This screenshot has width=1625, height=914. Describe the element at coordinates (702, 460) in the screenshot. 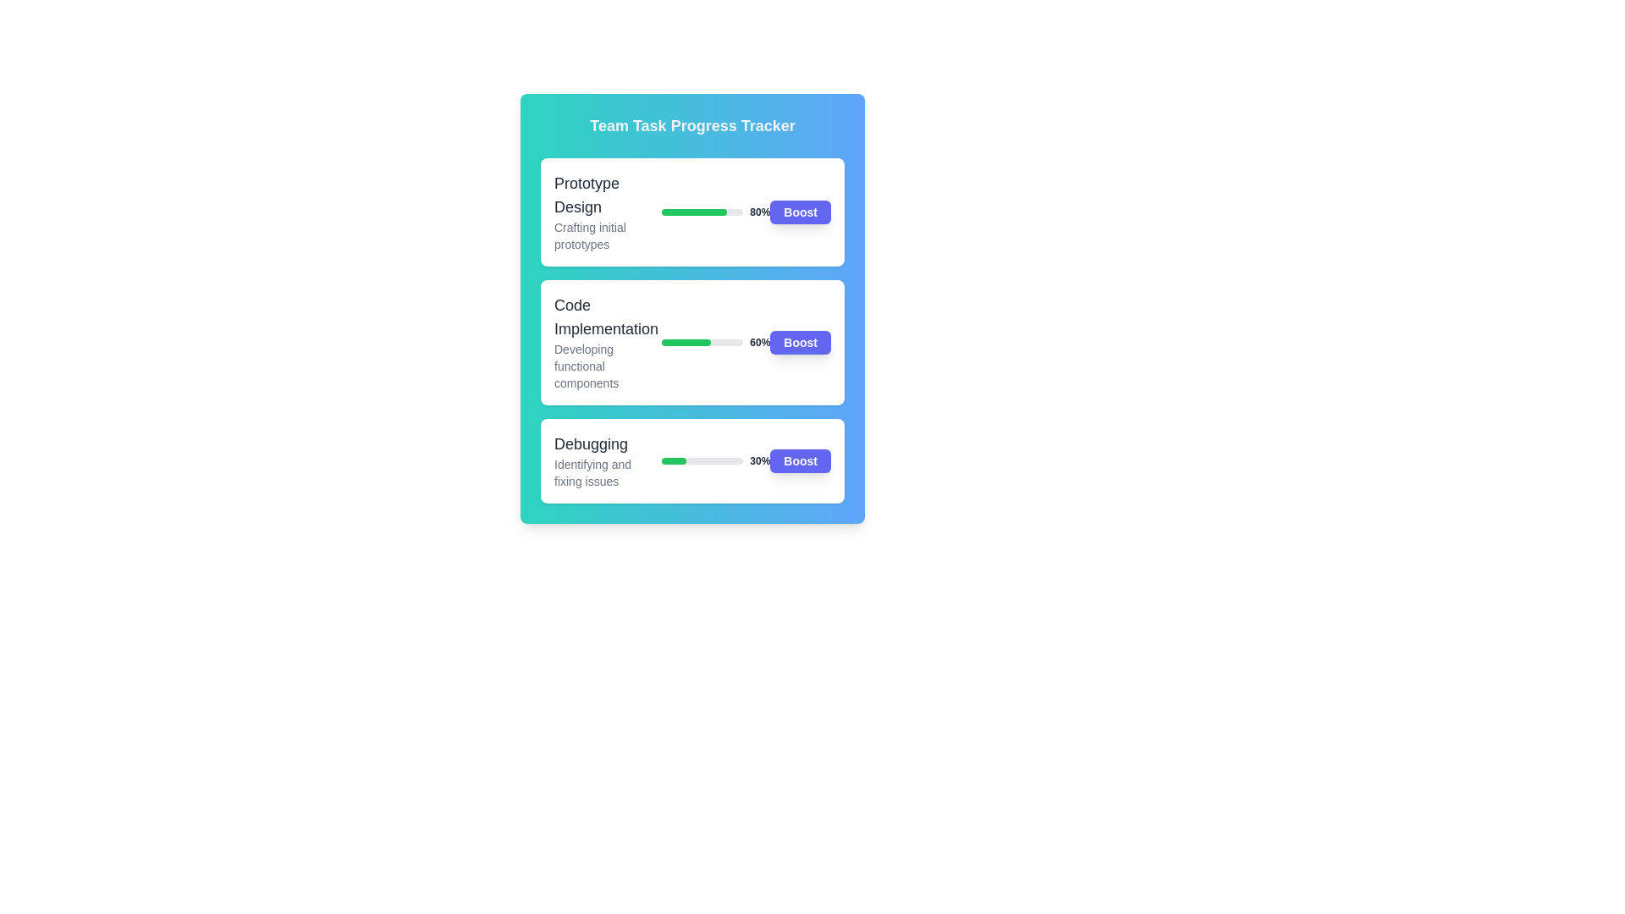

I see `the horizontal progress bar in the debugging section, which is partially filled to 30% and located below the 'Debugging' label and above the 'Boost' button` at that location.